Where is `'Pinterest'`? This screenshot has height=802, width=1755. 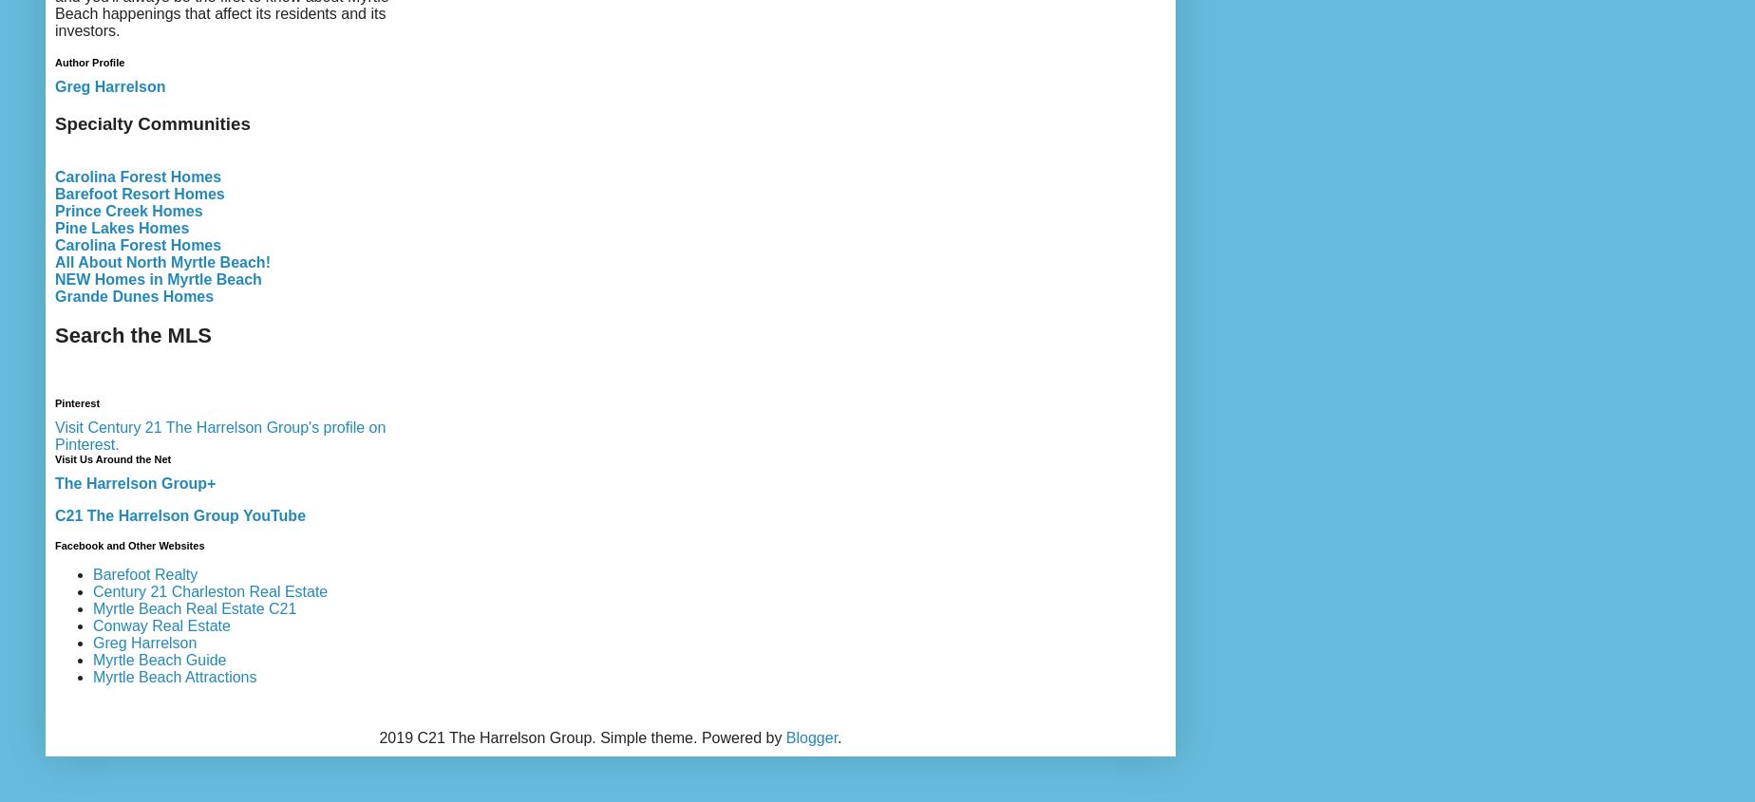
'Pinterest' is located at coordinates (77, 402).